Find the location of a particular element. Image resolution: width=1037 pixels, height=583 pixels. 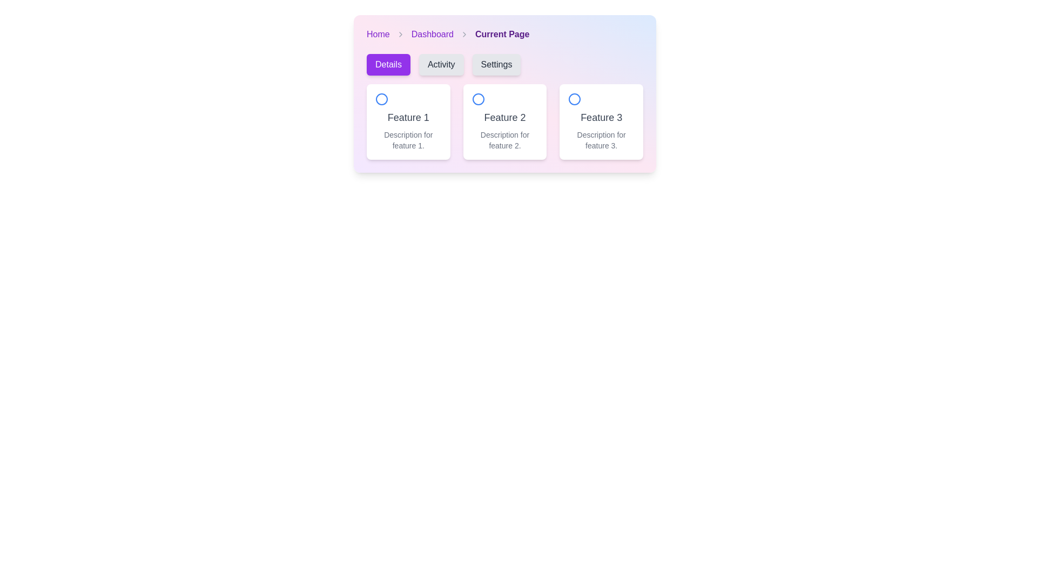

the first hyperlink in the breadcrumb sequence is located at coordinates (378, 34).